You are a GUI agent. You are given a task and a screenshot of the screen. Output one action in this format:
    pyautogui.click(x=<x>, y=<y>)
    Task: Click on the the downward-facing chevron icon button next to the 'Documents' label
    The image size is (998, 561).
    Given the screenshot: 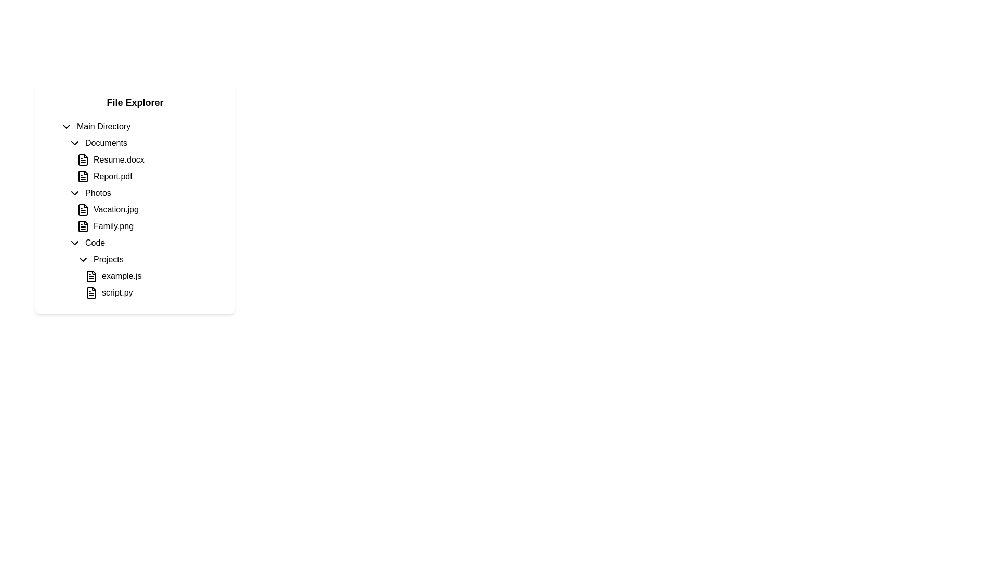 What is the action you would take?
    pyautogui.click(x=74, y=143)
    